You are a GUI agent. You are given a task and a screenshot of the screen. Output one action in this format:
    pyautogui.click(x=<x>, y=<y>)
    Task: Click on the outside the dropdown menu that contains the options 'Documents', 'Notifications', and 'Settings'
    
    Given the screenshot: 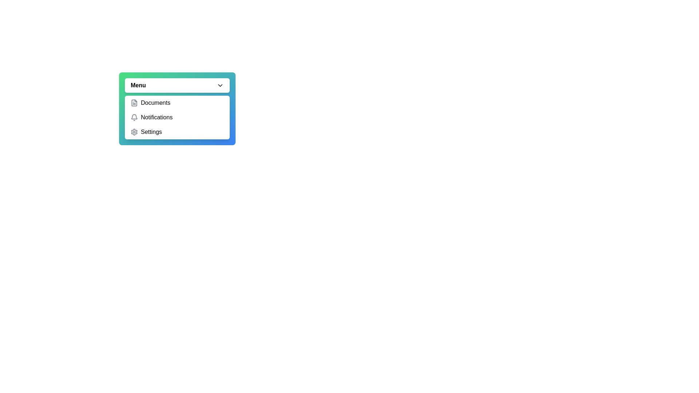 What is the action you would take?
    pyautogui.click(x=177, y=117)
    